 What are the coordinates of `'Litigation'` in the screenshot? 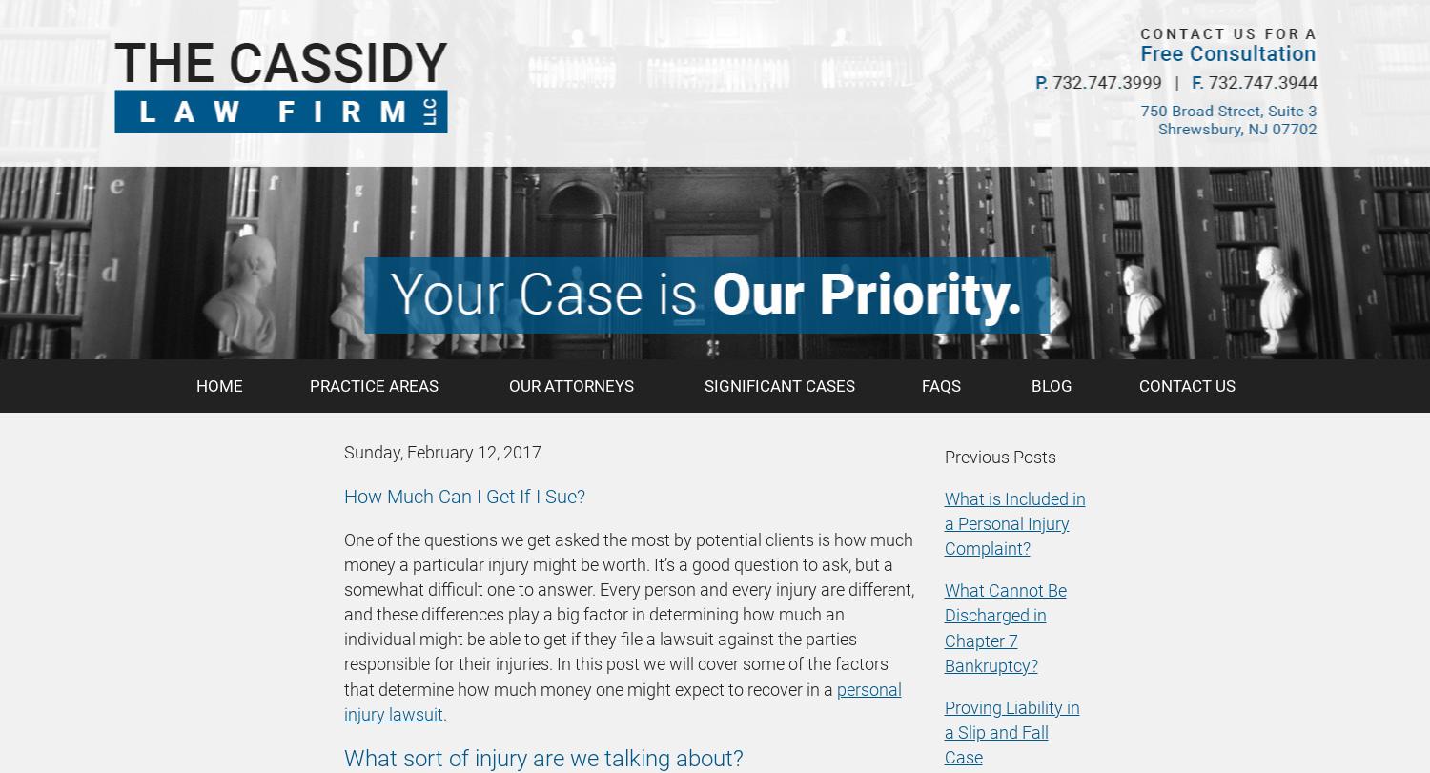 It's located at (134, 176).